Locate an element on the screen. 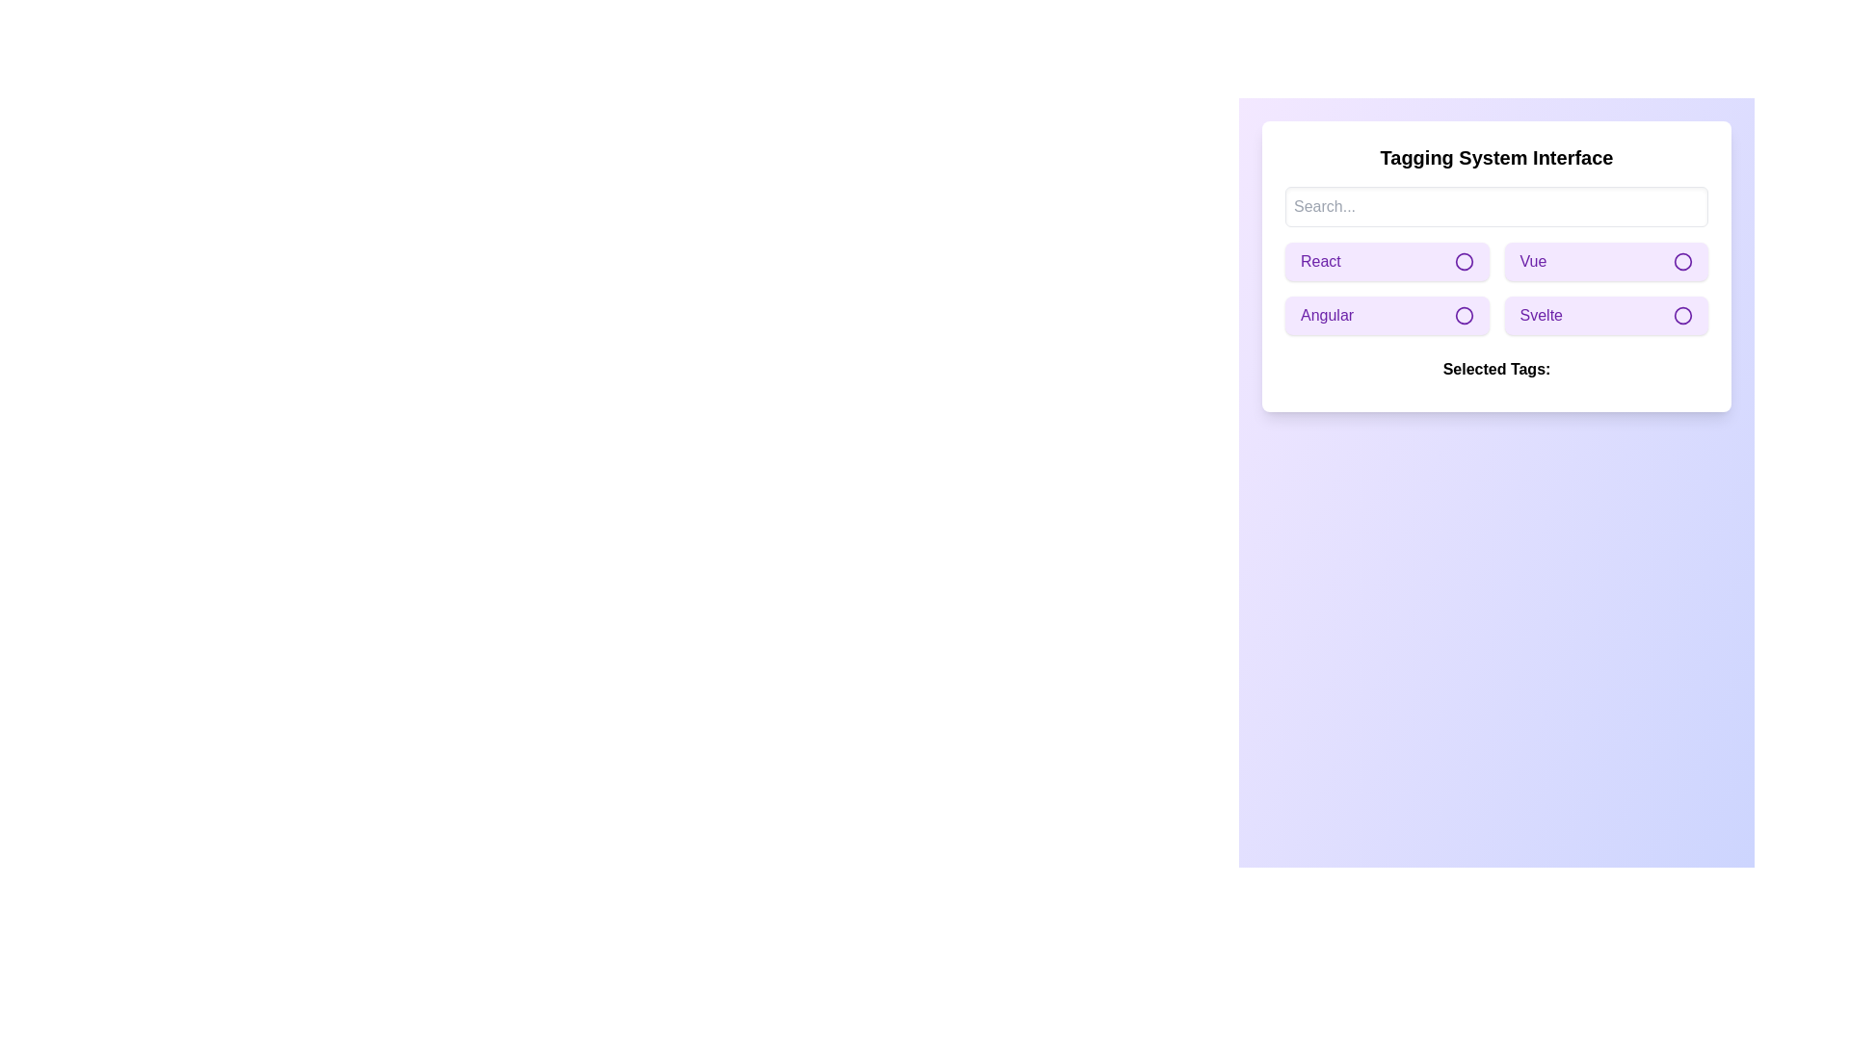  the center of the Circular selection indicator that visually indicates the selection of the tag 'Svelte' in the tagging interface, located in the 'Selected Tags' section is located at coordinates (1682, 314).